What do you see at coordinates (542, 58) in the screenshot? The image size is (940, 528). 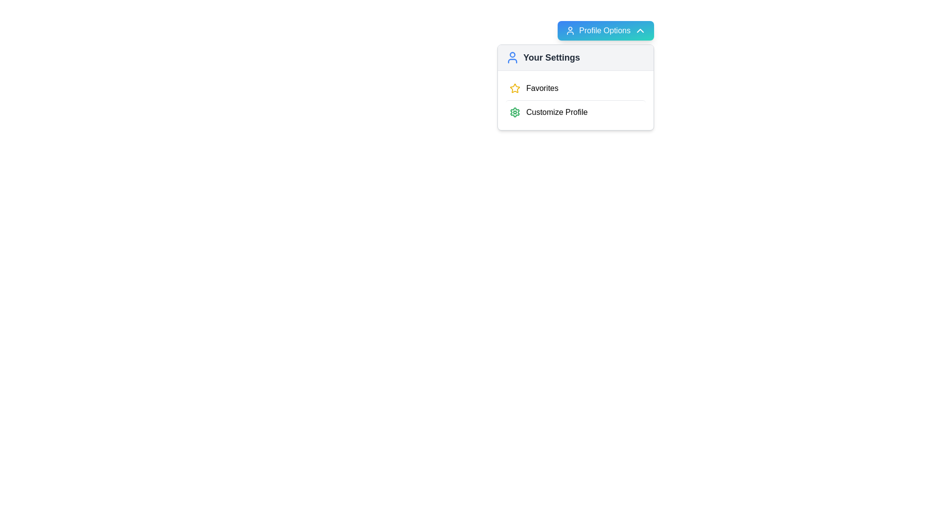 I see `the 'Your Settings' menu option, which is styled with blue text and an adjacent user icon` at bounding box center [542, 58].